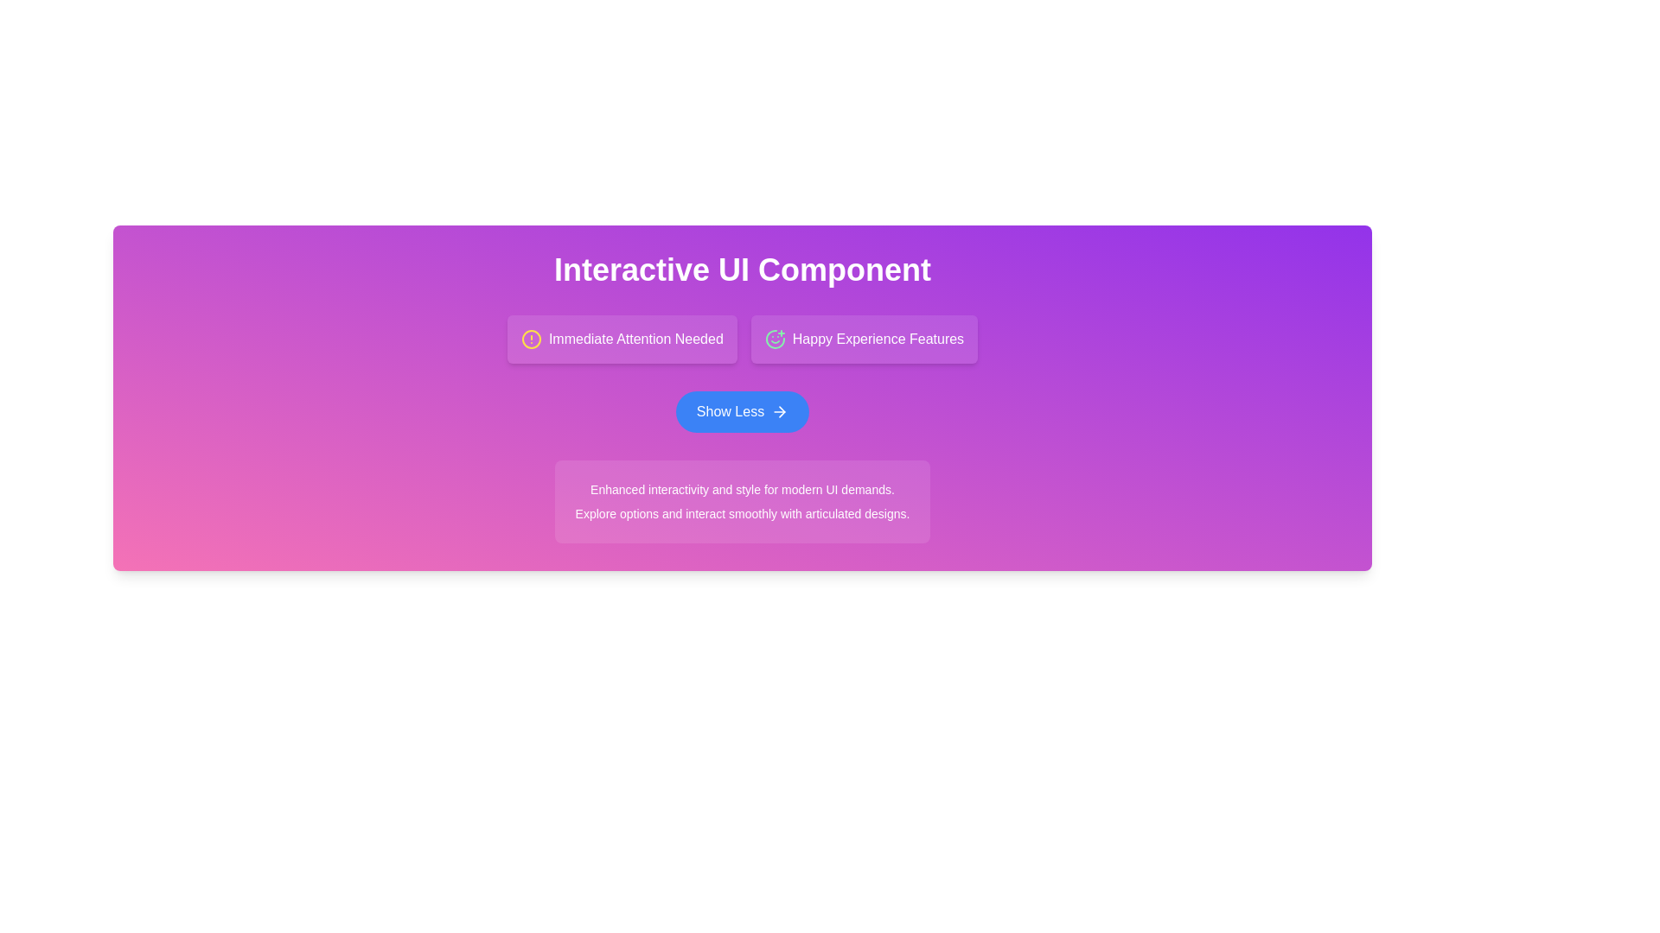 The height and width of the screenshot is (933, 1660). Describe the element at coordinates (743, 512) in the screenshot. I see `the static text element that reads 'Explore options and interact smoothly with articulated designs.' positioned in the lower section of the interface against a pink-purple gradient background` at that location.